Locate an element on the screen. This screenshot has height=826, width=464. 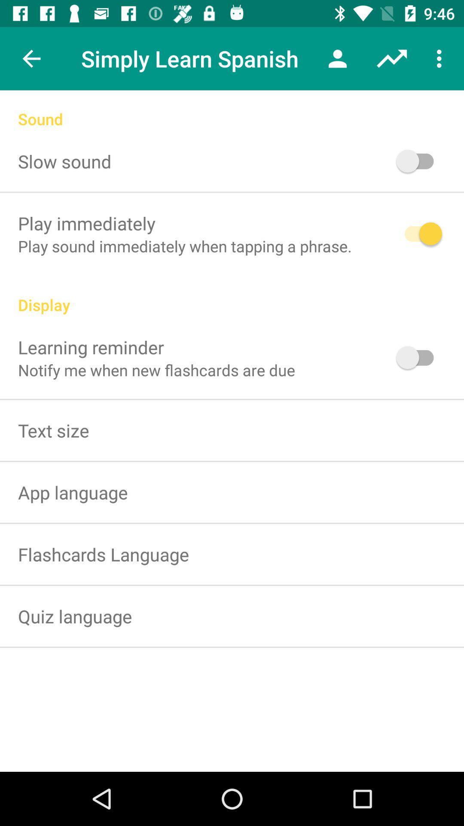
item below notify me when is located at coordinates (53, 430).